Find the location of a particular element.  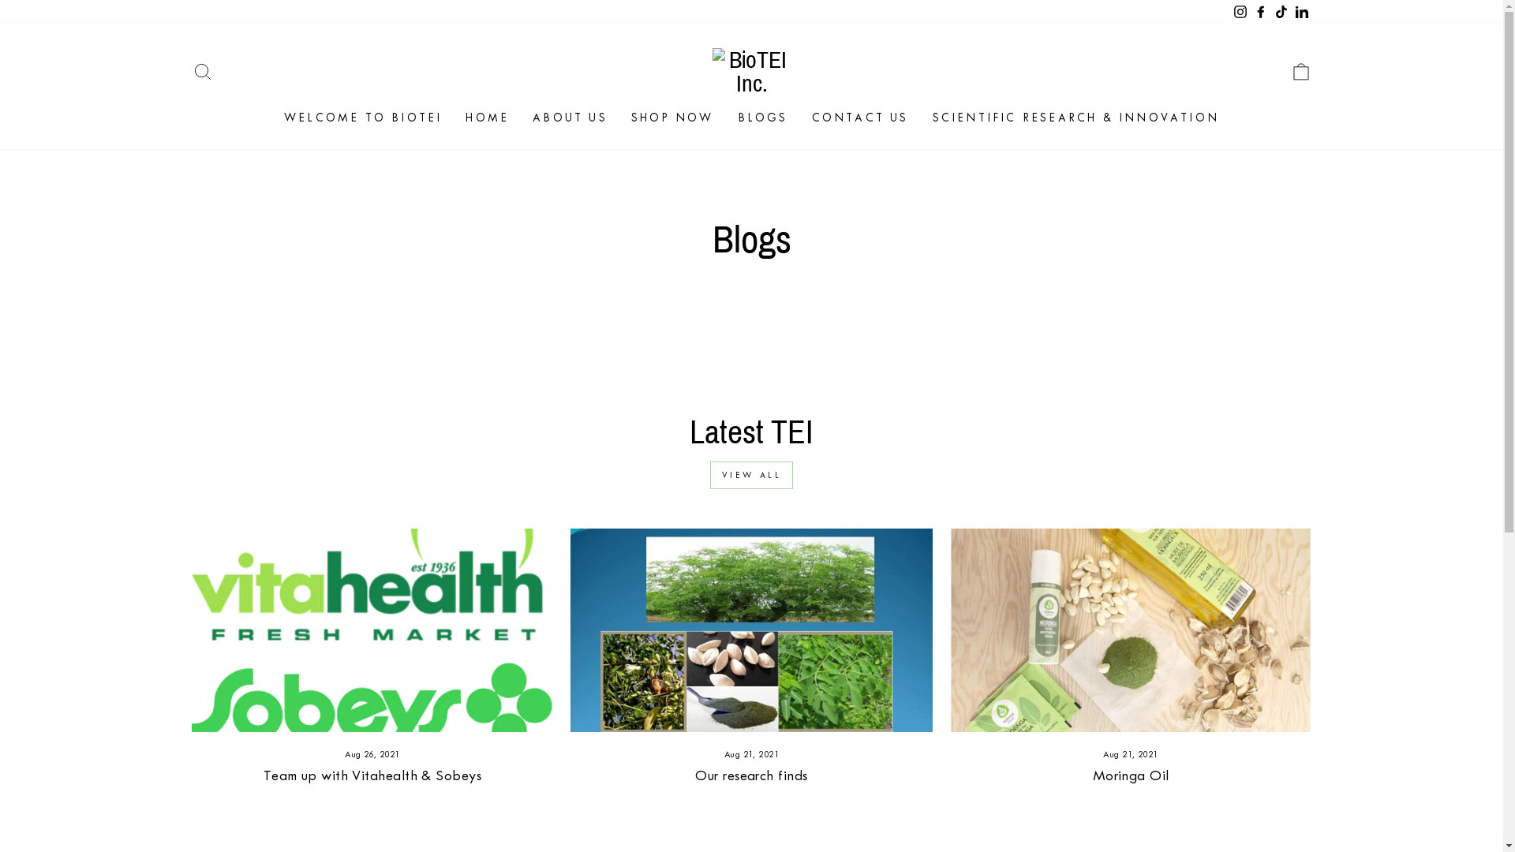

'SHOP NOW' is located at coordinates (672, 117).